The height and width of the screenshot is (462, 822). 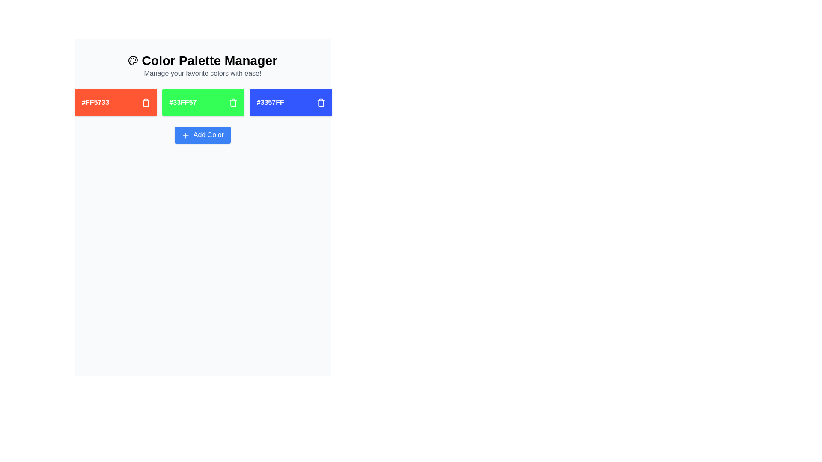 What do you see at coordinates (133, 60) in the screenshot?
I see `the paint palette graphical icon located to the left of the 'Color Palette Manager' title at the top of the interface` at bounding box center [133, 60].